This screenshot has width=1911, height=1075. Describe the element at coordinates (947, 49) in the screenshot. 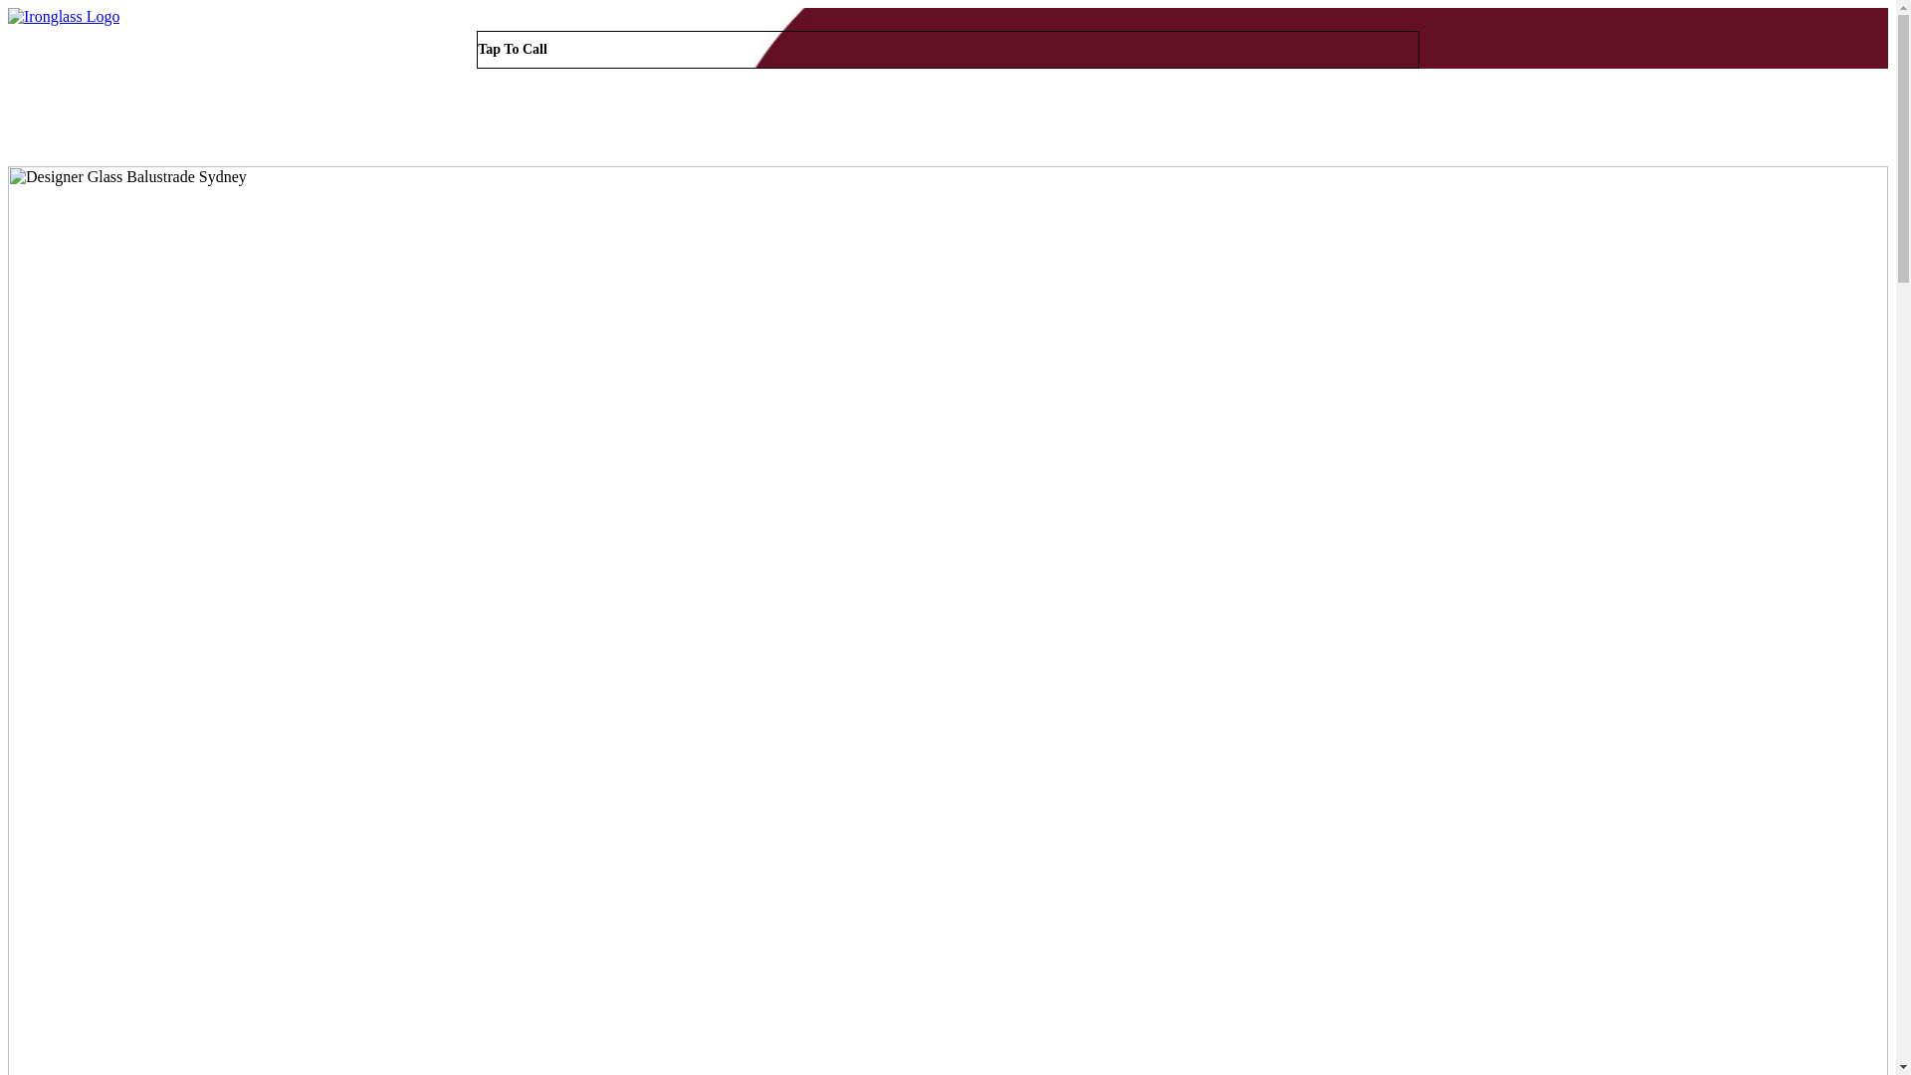

I see `'Tap To Call'` at that location.